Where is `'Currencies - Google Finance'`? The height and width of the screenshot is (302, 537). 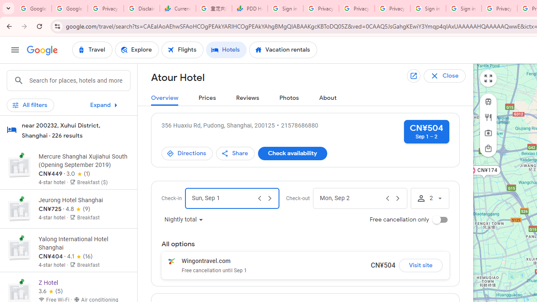
'Currencies - Google Finance' is located at coordinates (177, 8).